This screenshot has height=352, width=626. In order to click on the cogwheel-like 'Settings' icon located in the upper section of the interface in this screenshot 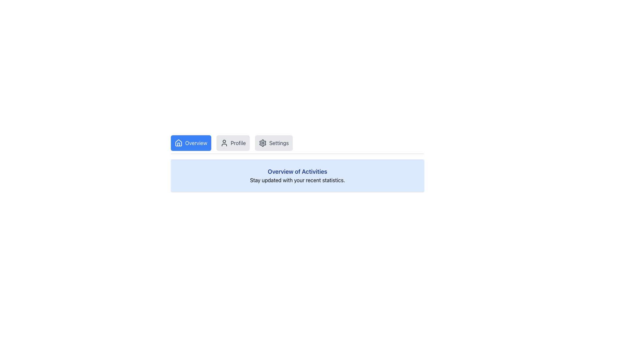, I will do `click(262, 143)`.